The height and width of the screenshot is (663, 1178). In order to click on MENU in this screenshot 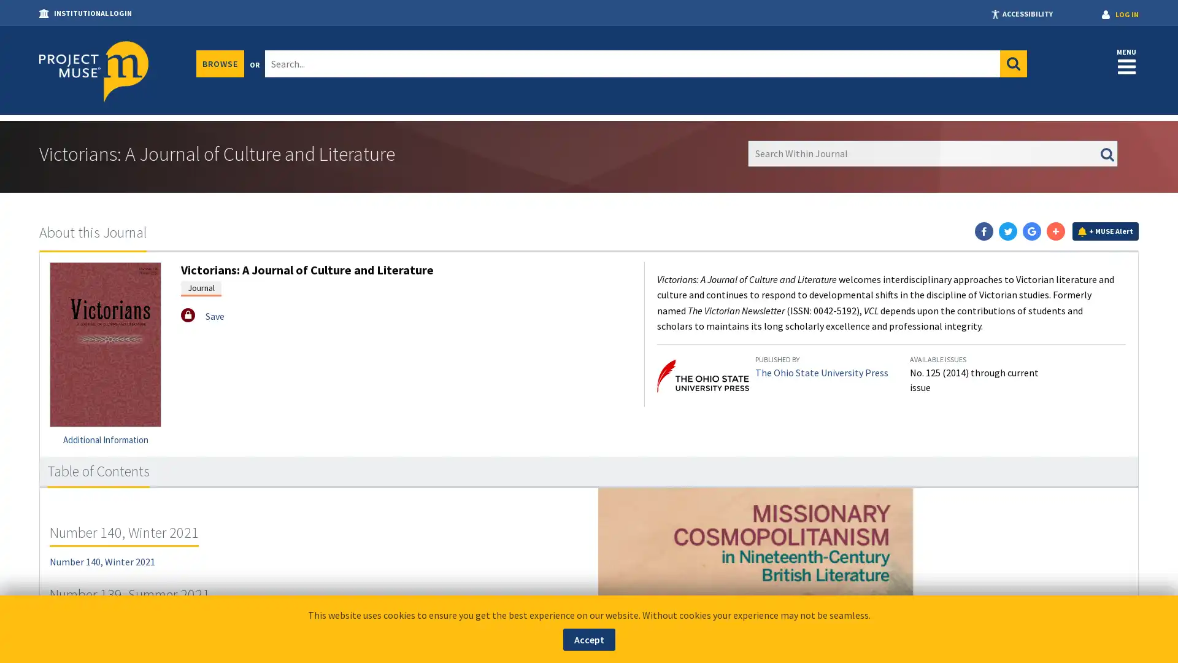, I will do `click(1126, 61)`.